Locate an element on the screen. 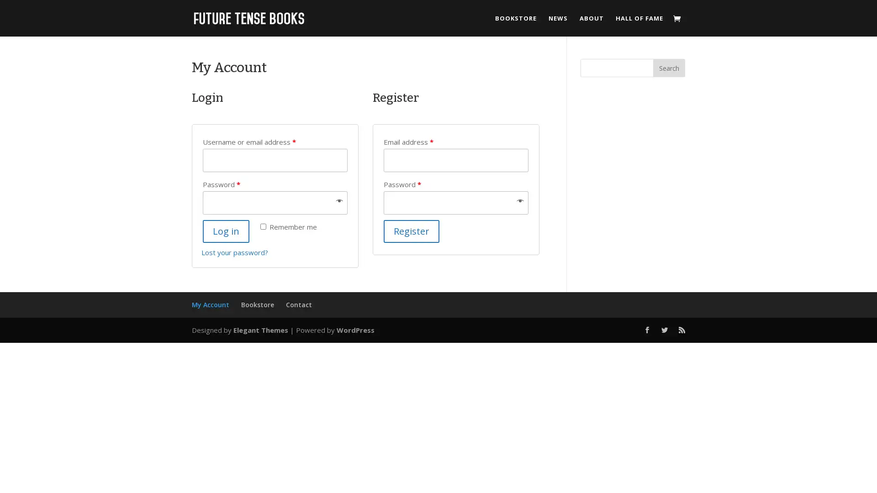  Log in 5 is located at coordinates (226, 230).